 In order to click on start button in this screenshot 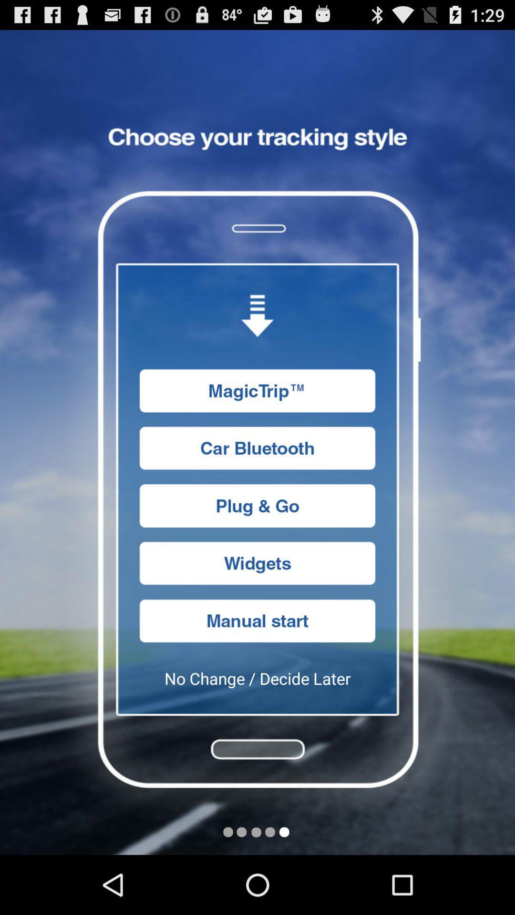, I will do `click(257, 621)`.